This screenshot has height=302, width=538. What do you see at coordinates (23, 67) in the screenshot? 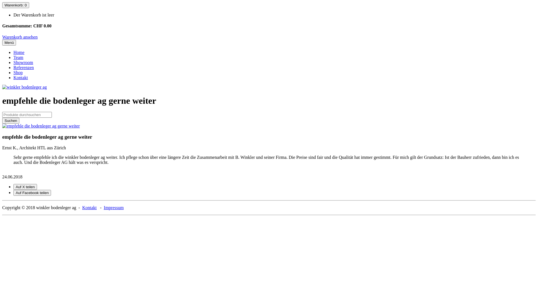
I see `'Referenzen'` at bounding box center [23, 67].